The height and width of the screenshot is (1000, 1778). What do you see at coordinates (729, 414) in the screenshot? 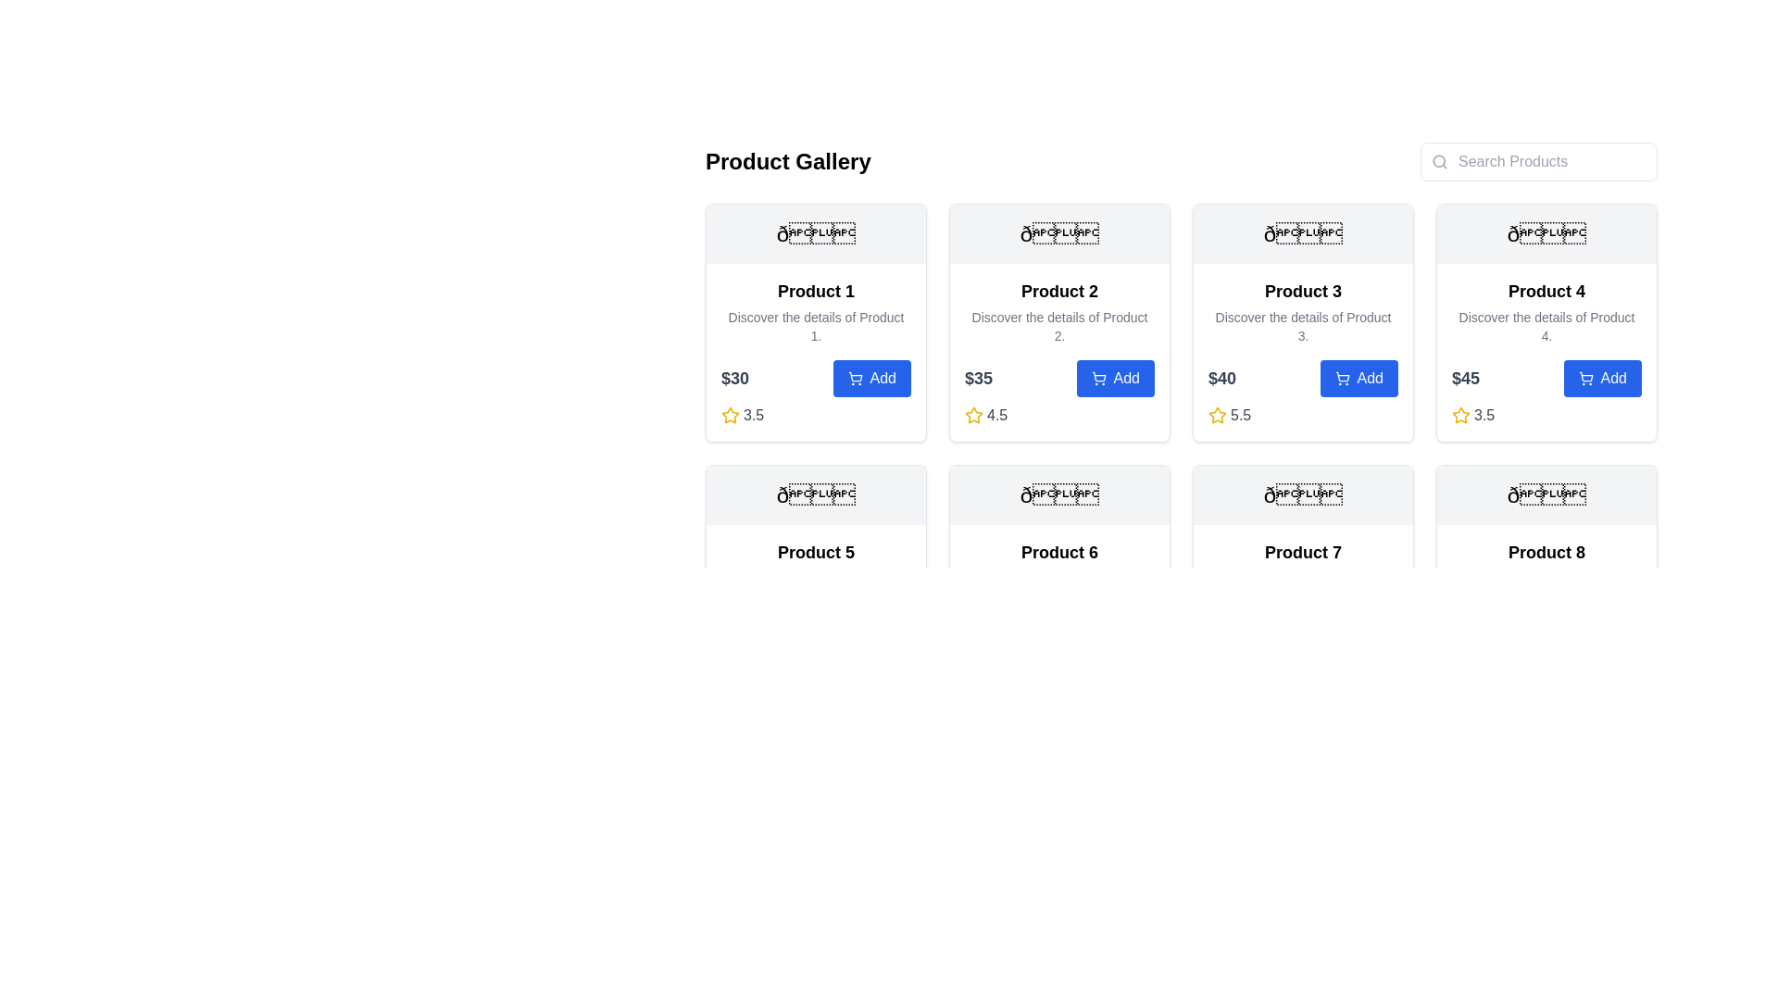
I see `the yellow star-shaped rating icon, which is the first star in the rating indicator below the '$30' price label and the 'Add' button for 'Product 1'` at bounding box center [729, 414].